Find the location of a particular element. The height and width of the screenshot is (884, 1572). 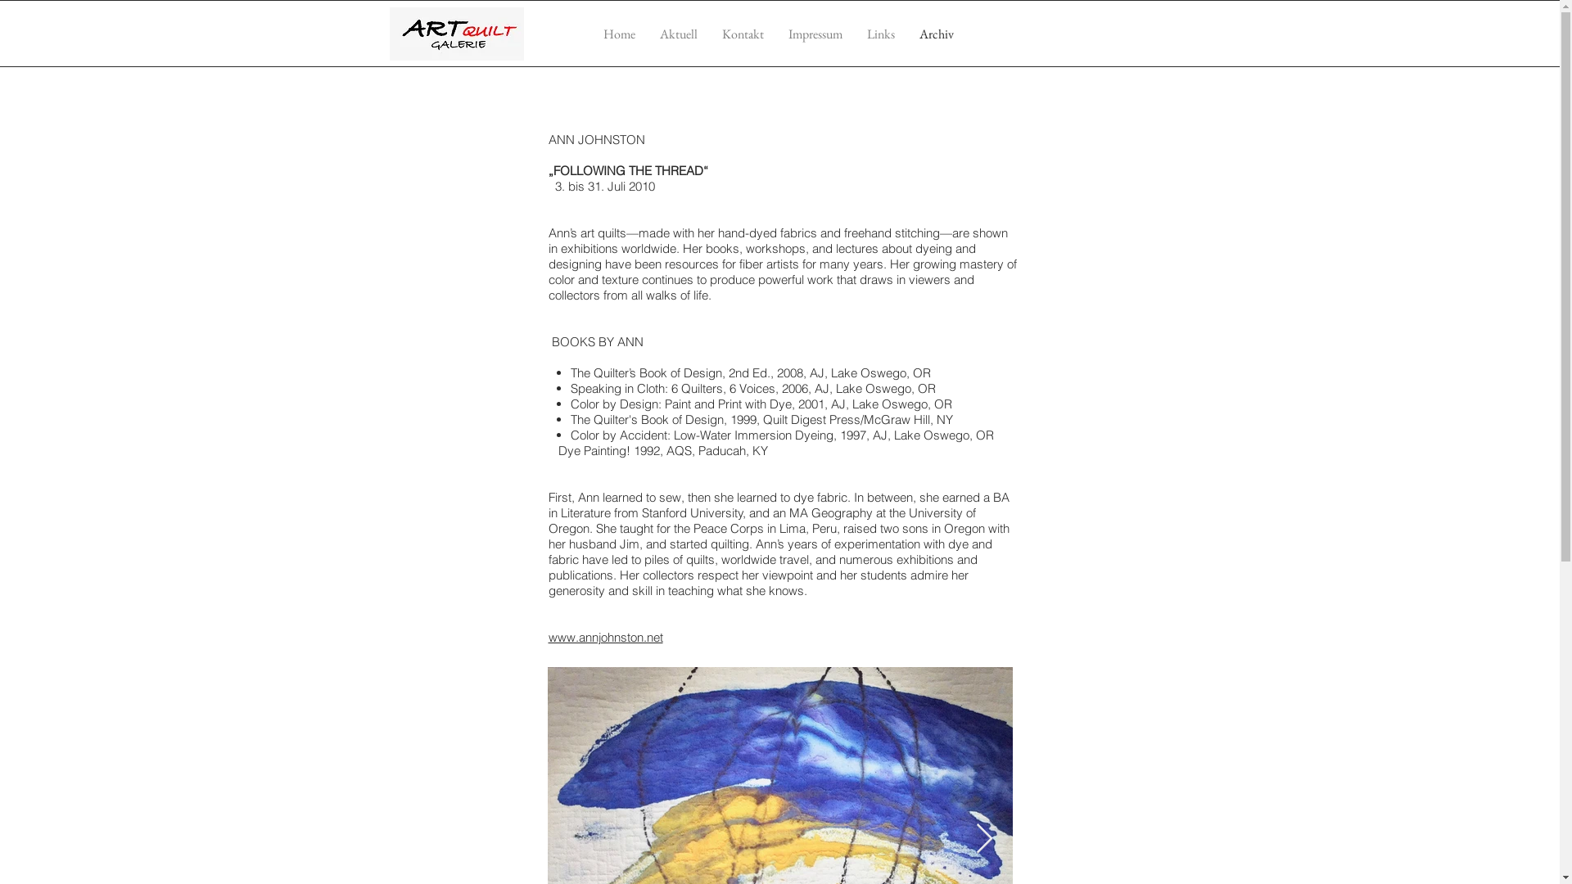

'www.annjohnston.net' is located at coordinates (604, 636).